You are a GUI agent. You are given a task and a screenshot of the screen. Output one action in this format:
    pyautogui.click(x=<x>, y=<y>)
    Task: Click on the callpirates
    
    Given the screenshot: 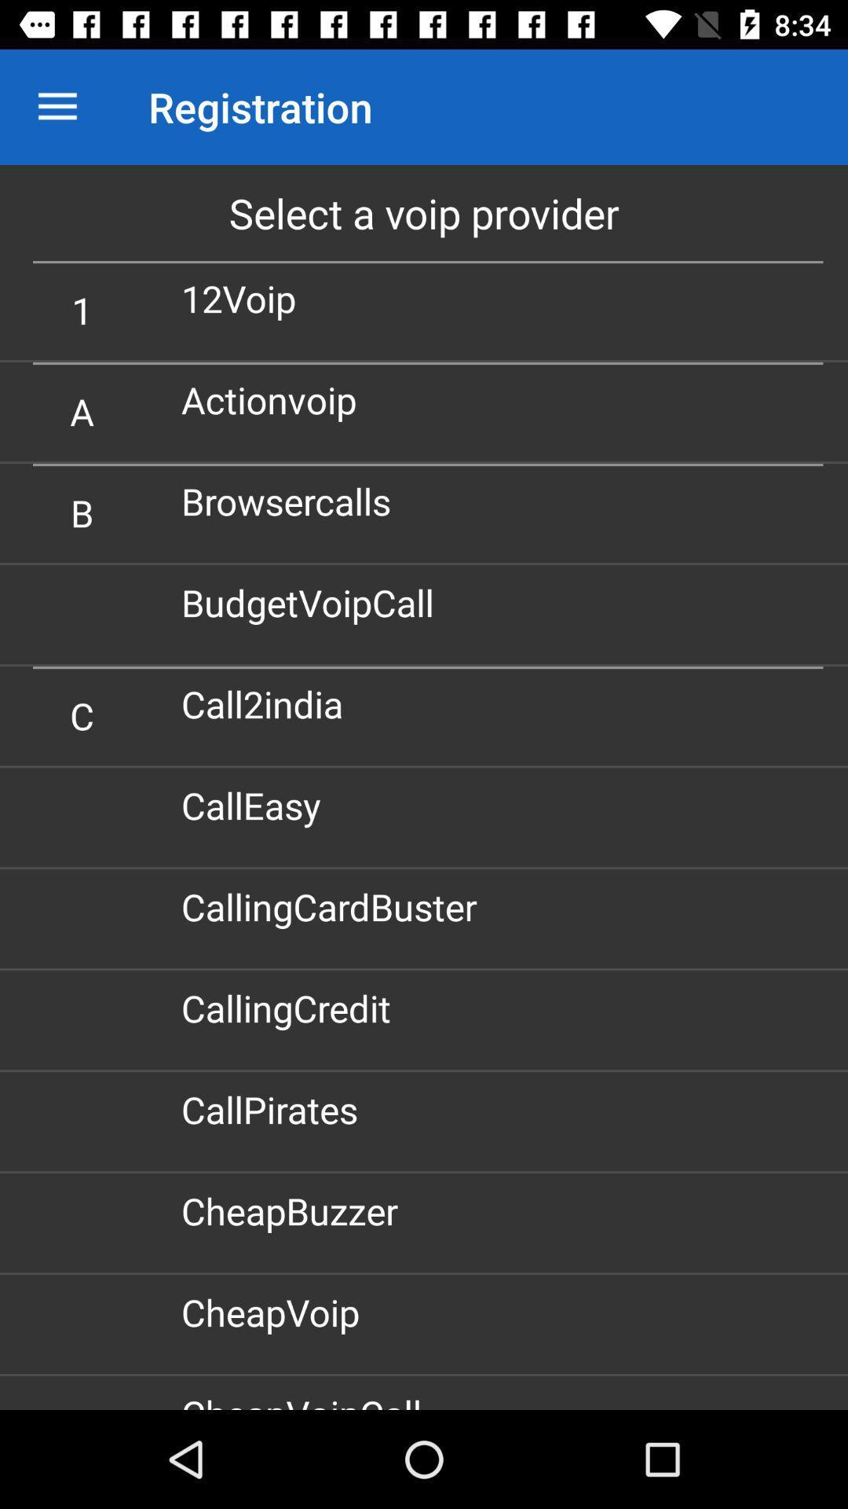 What is the action you would take?
    pyautogui.click(x=275, y=1108)
    